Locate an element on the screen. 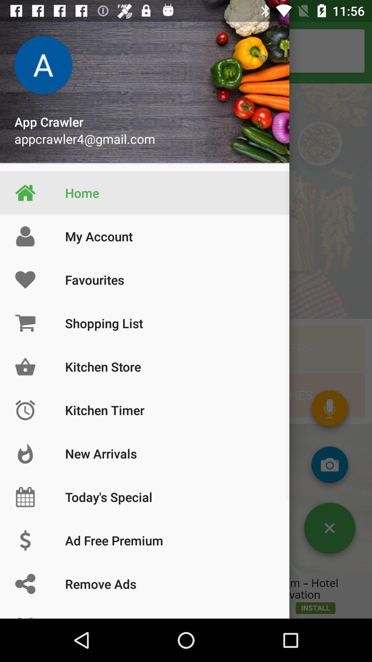  the photo icon is located at coordinates (329, 467).